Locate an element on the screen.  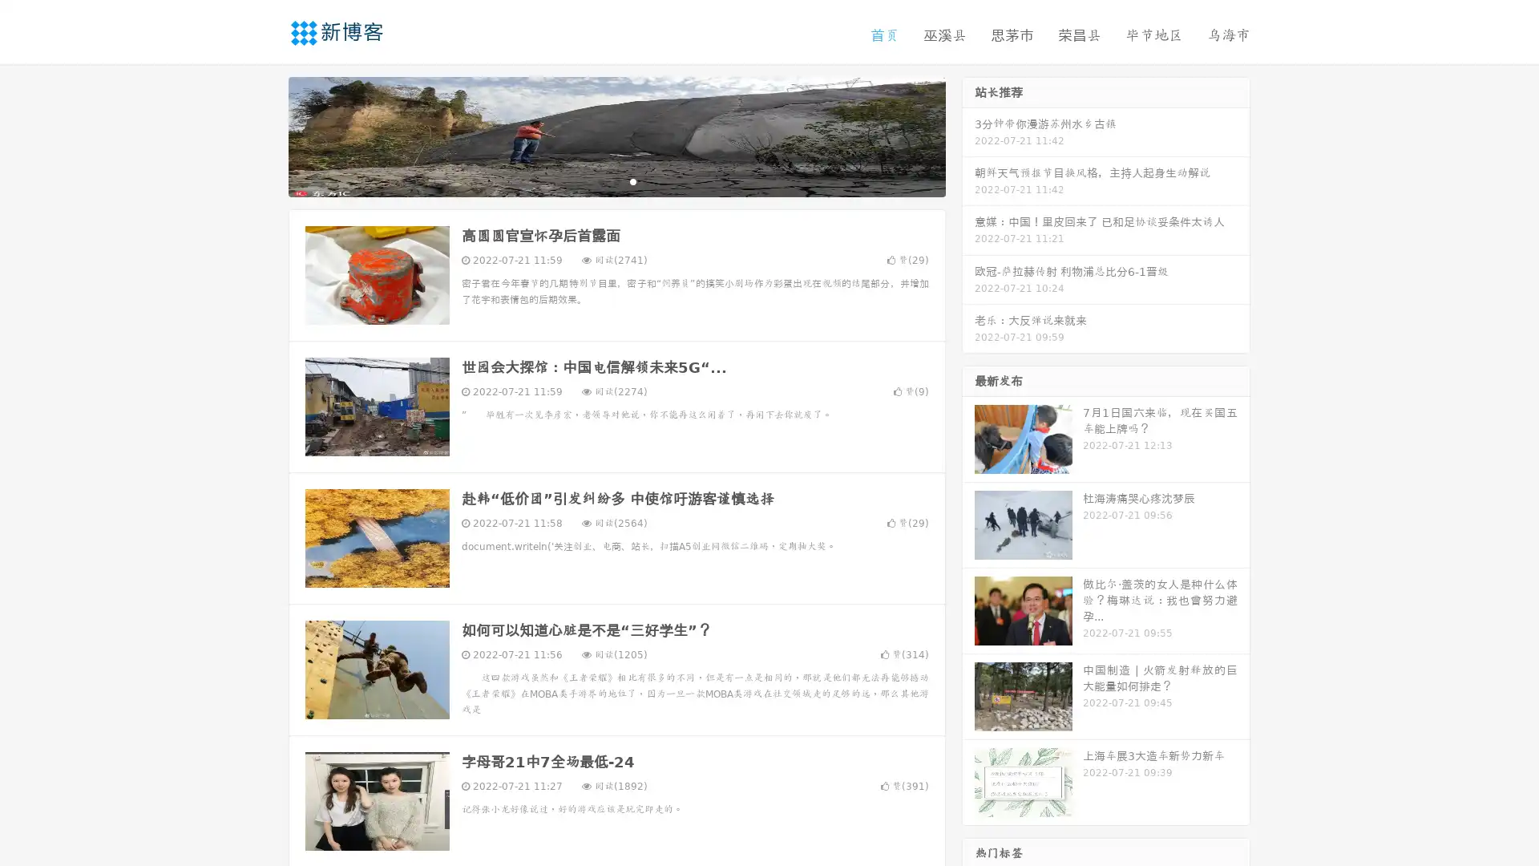
Previous slide is located at coordinates (265, 135).